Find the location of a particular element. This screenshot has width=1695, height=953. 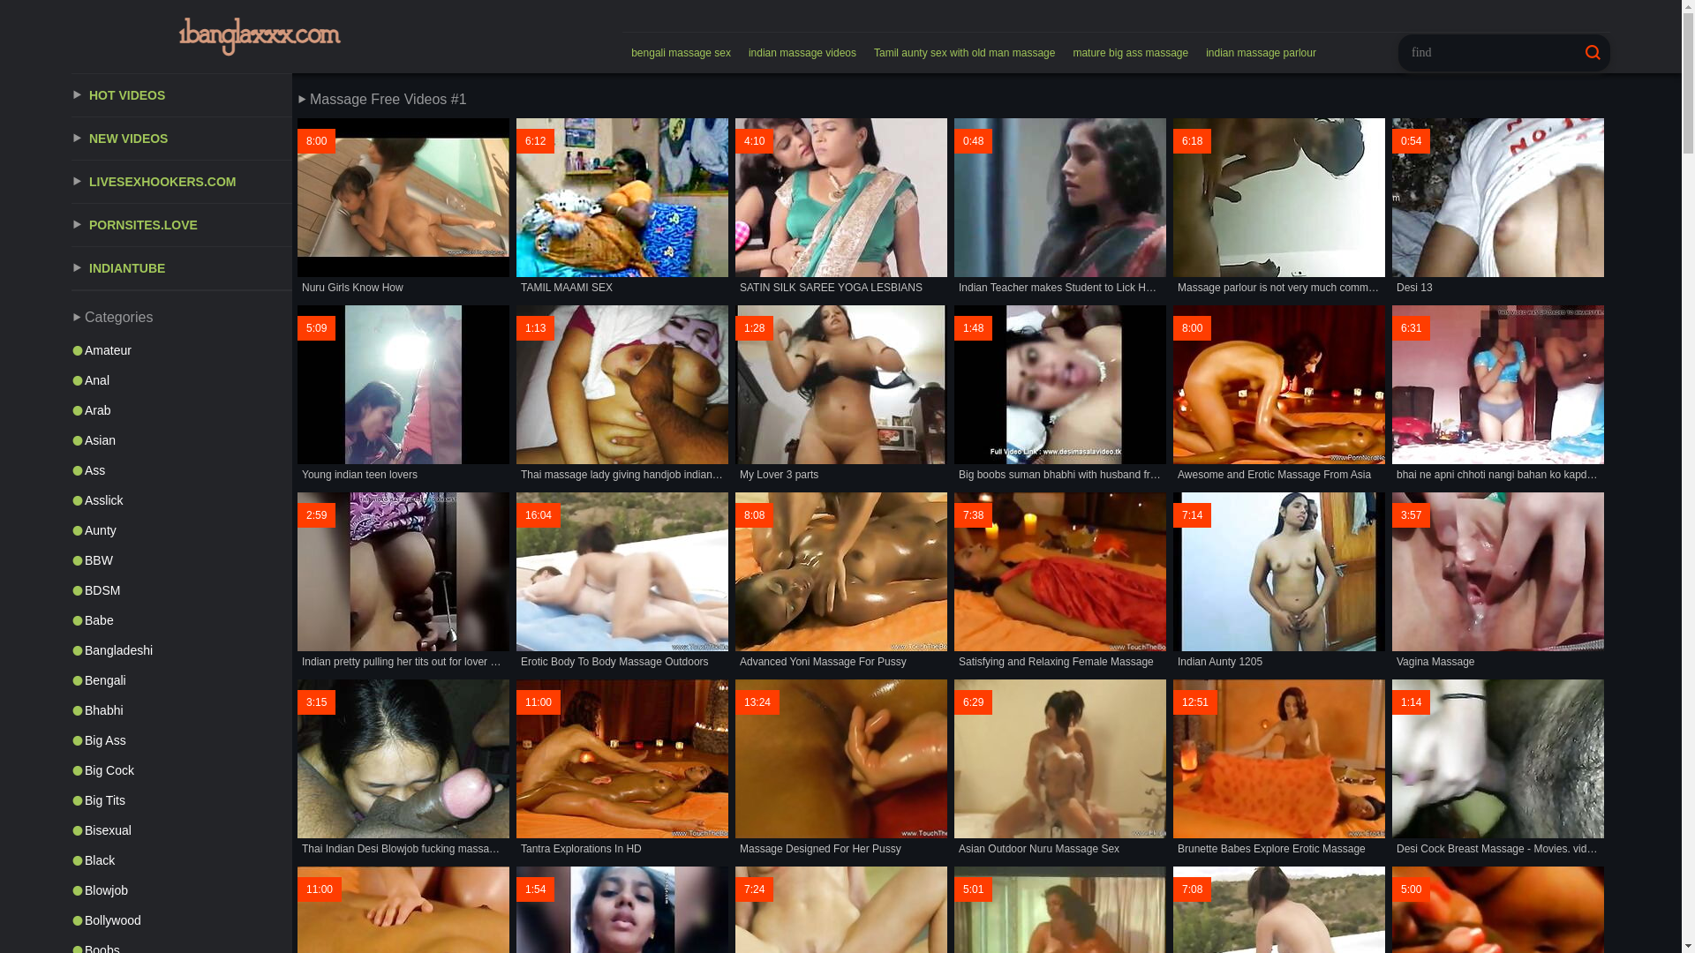

'Bhabhi' is located at coordinates (182, 709).